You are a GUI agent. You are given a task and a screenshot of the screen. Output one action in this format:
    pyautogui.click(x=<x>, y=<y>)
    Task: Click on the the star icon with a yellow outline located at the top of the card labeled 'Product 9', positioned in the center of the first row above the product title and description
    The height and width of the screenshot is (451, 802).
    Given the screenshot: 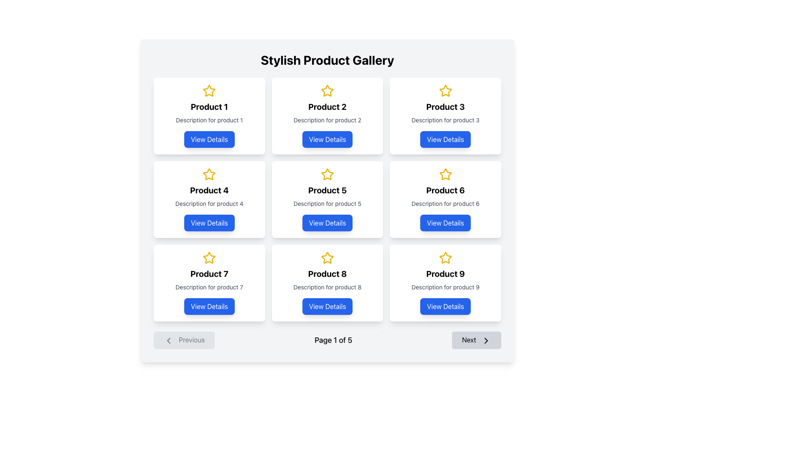 What is the action you would take?
    pyautogui.click(x=445, y=257)
    